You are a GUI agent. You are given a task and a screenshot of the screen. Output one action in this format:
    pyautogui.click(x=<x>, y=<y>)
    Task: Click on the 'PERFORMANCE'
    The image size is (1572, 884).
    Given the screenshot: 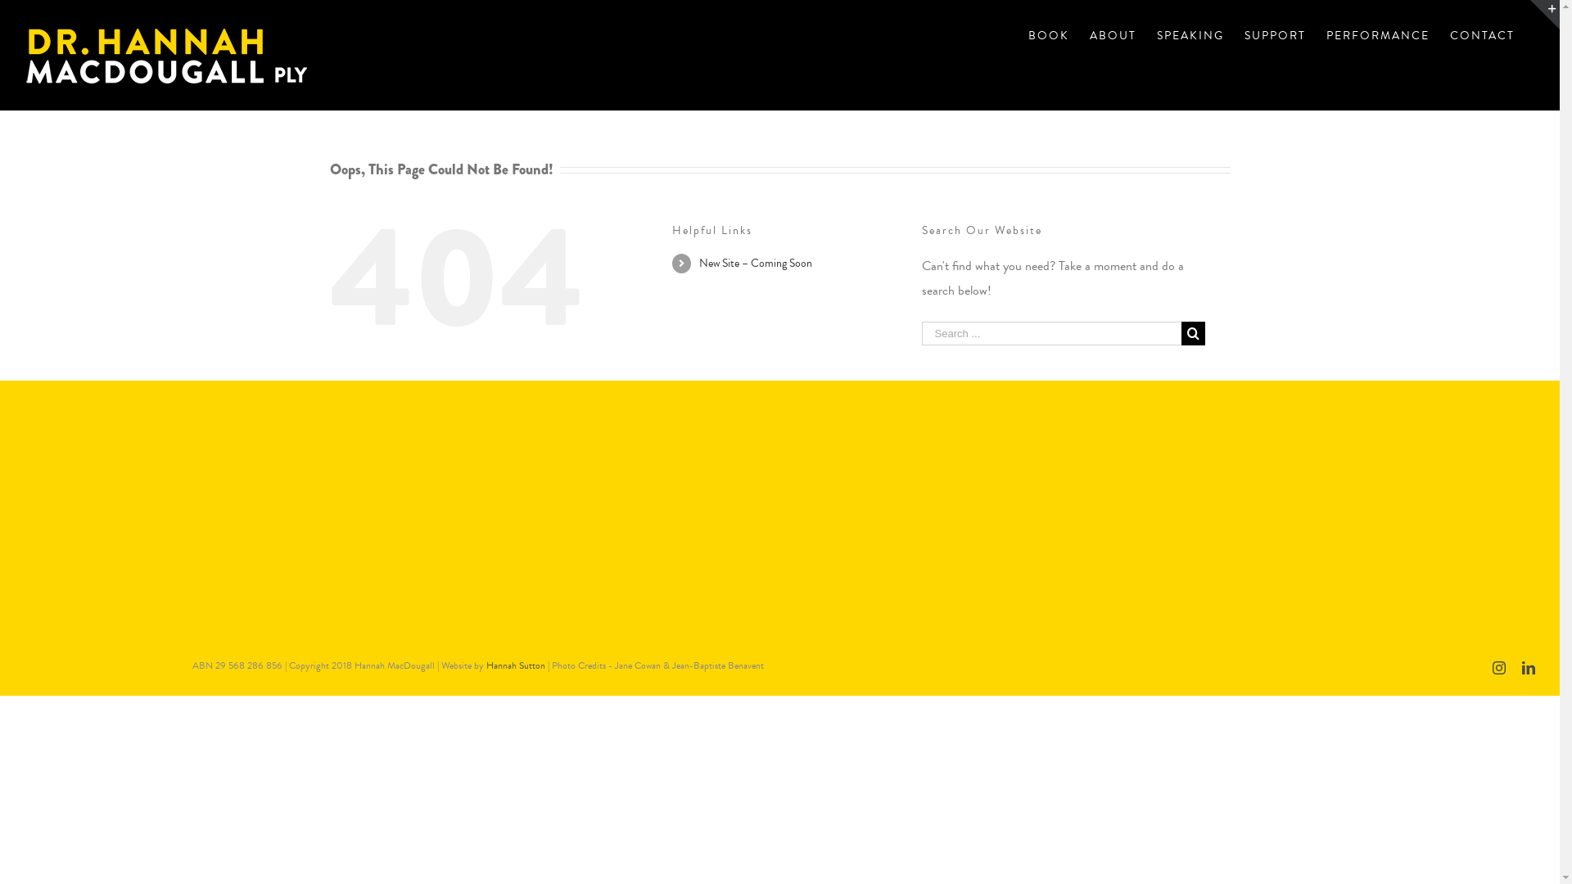 What is the action you would take?
    pyautogui.click(x=1326, y=34)
    